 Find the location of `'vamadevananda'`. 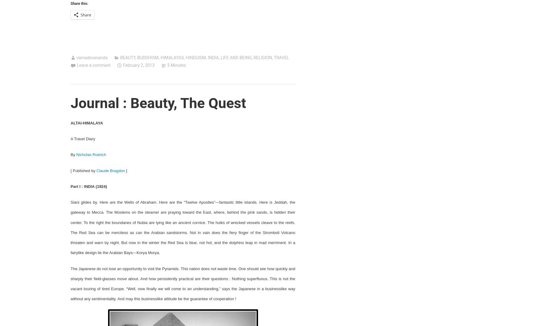

'vamadevananda' is located at coordinates (91, 57).